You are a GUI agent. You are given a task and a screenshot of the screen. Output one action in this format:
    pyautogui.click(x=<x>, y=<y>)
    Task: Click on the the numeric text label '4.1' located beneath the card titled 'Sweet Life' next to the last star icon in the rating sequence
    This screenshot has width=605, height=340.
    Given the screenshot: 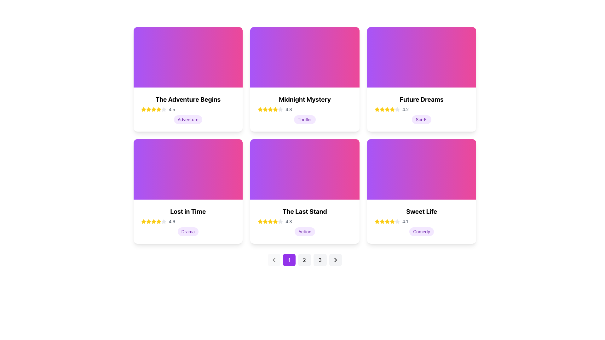 What is the action you would take?
    pyautogui.click(x=405, y=221)
    